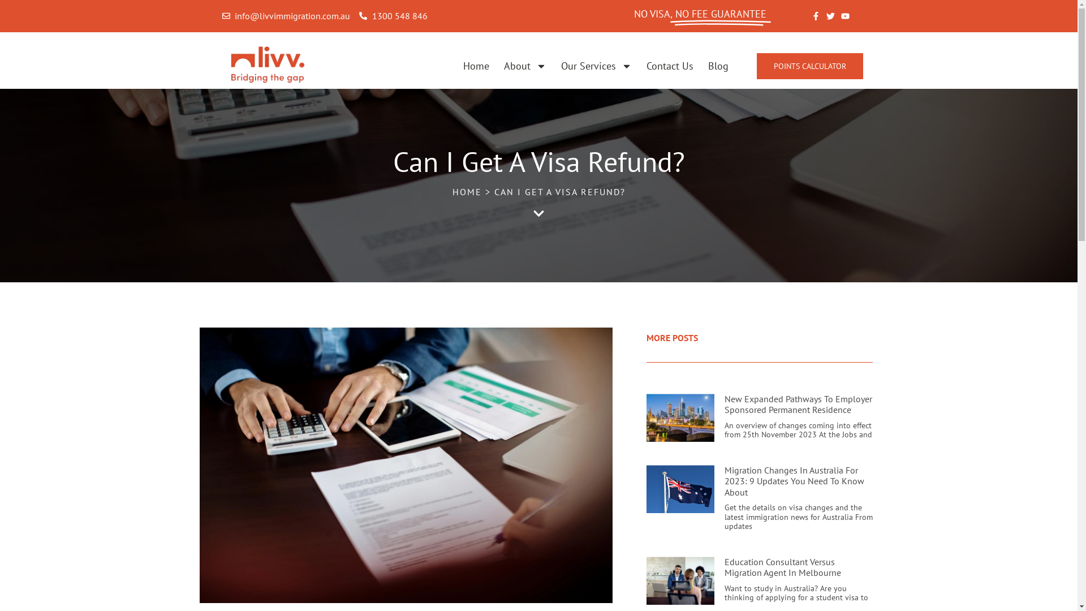 Image resolution: width=1086 pixels, height=611 pixels. Describe the element at coordinates (699, 14) in the screenshot. I see `'NO VISA, NO FEE GUARANTEE'` at that location.